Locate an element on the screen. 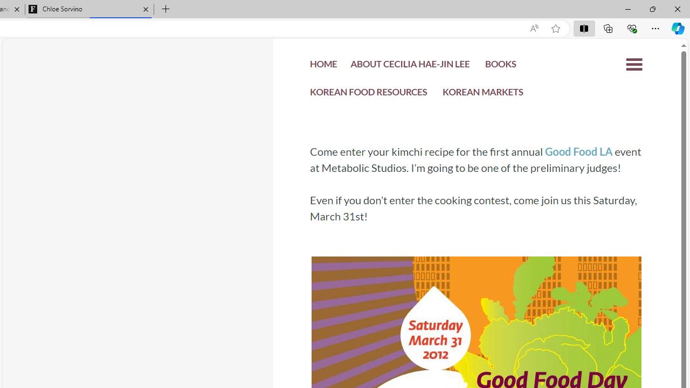 The image size is (690, 388). 'Good Food LA' is located at coordinates (578, 151).